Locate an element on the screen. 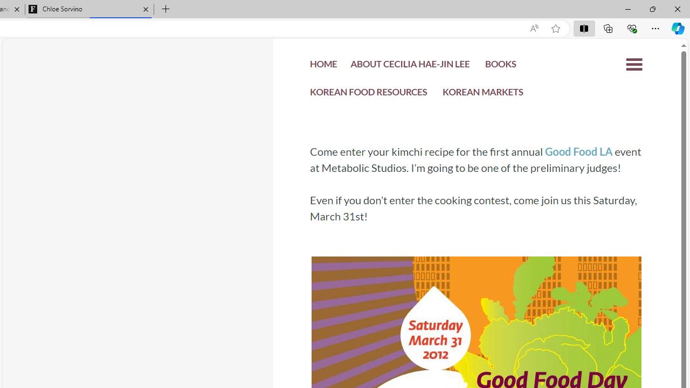 The image size is (690, 388). 'Good Food LA' is located at coordinates (578, 151).